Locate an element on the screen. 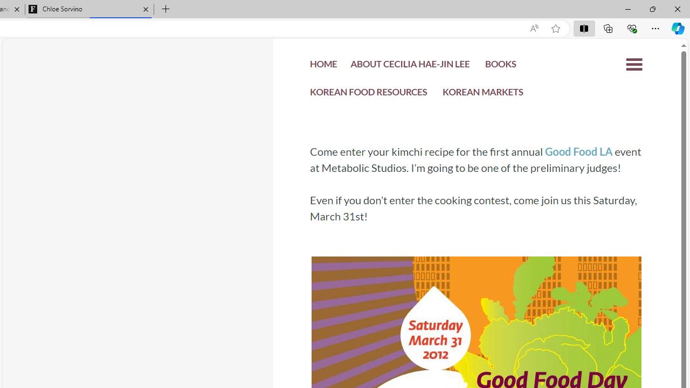 The image size is (690, 388). 'Good Food LA' is located at coordinates (578, 151).